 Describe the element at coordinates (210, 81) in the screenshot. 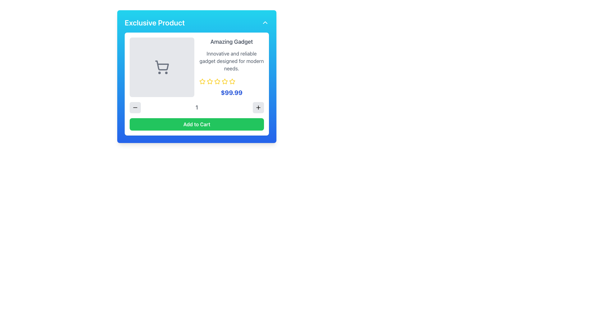

I see `the second star icon in the horizontal row of five star icons, which has a golden yellow color and a hollow center` at that location.